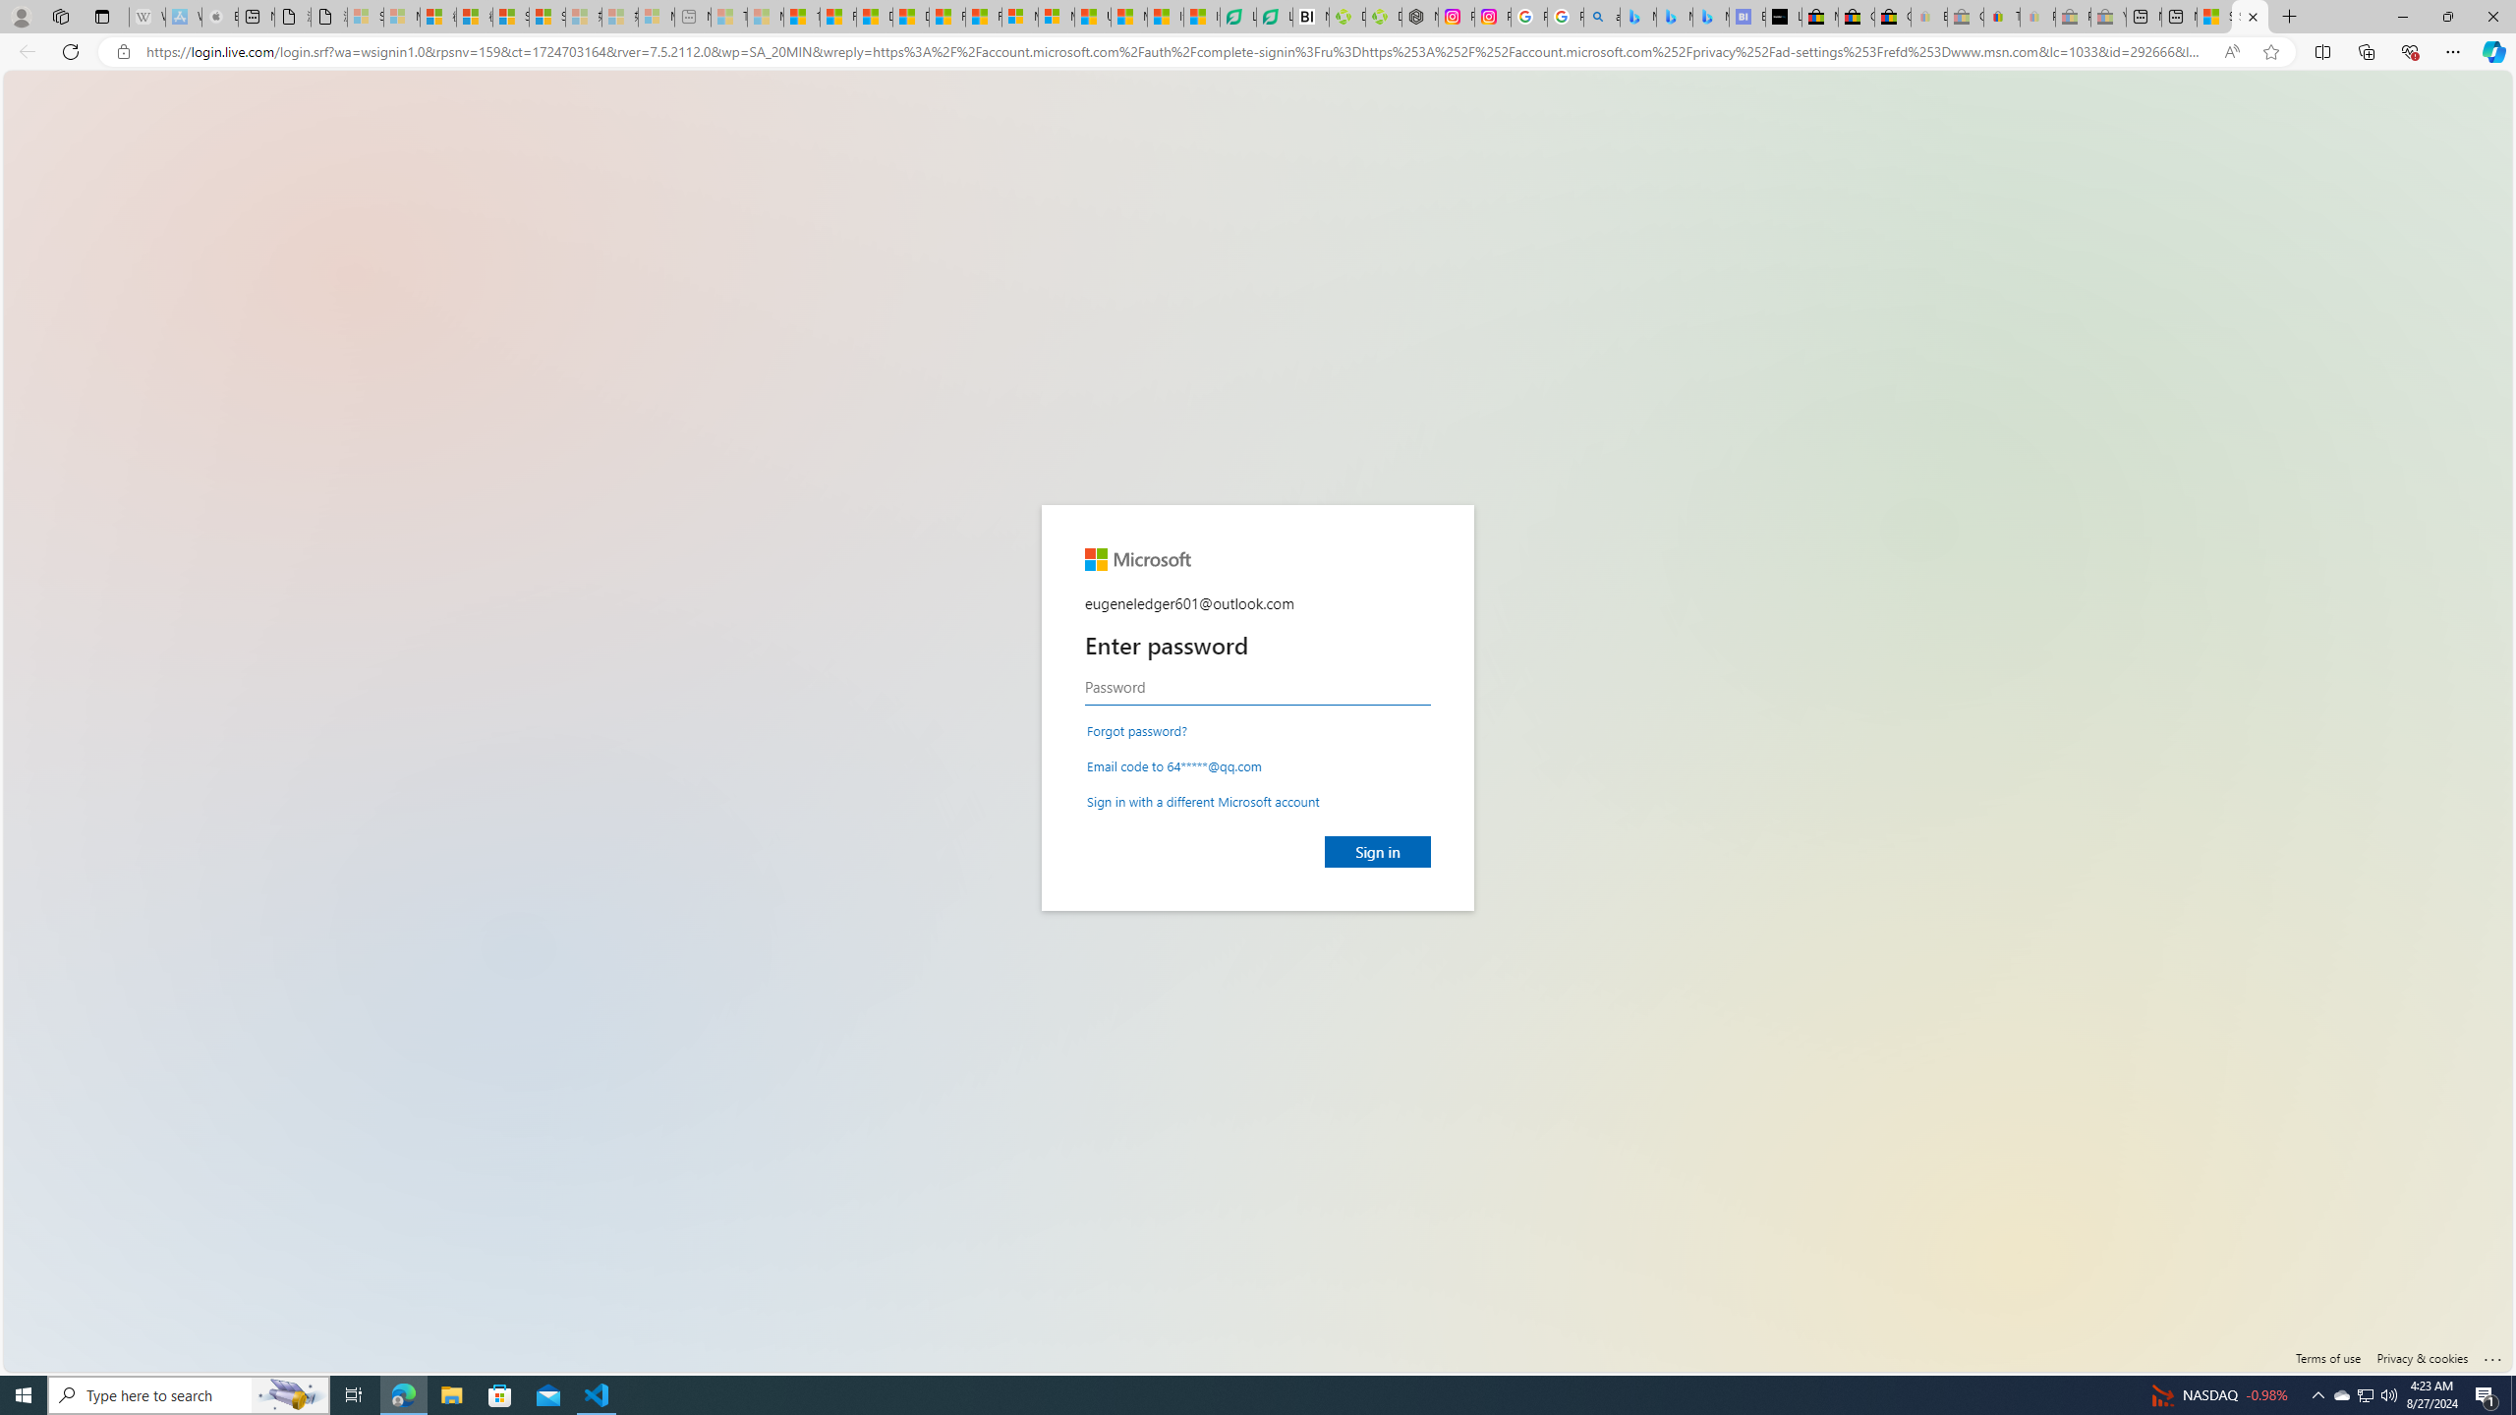  I want to click on 'Forgot password?', so click(1137, 729).